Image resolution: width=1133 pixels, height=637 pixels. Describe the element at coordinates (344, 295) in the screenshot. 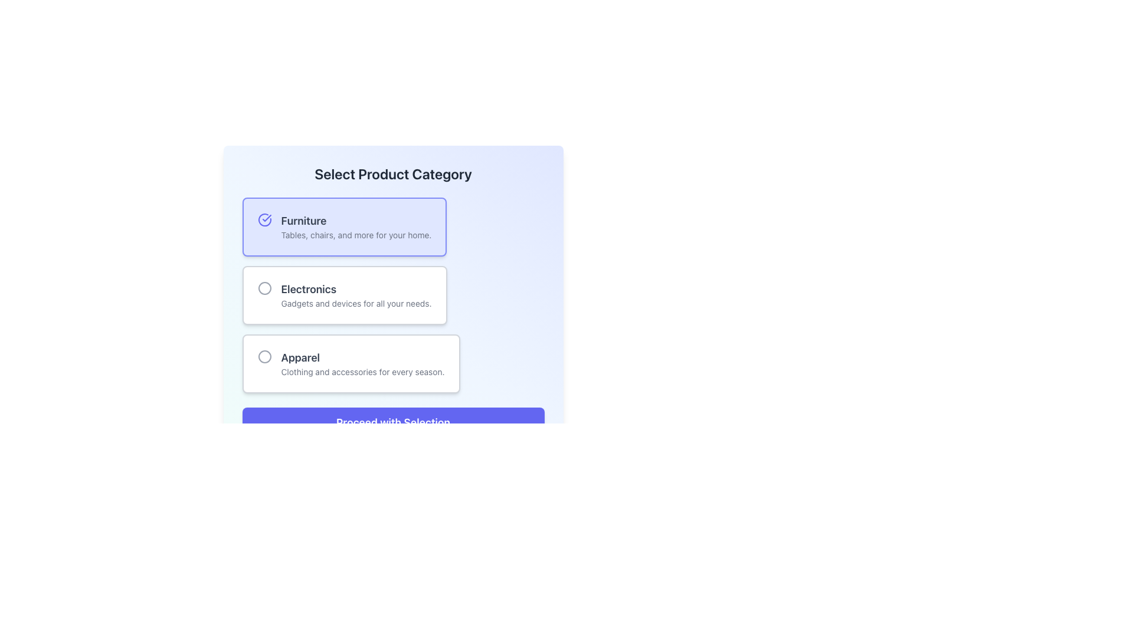

I see `the 'Electronics' button with rounded corners and a white background, which is located under the 'Select Product Category' header` at that location.